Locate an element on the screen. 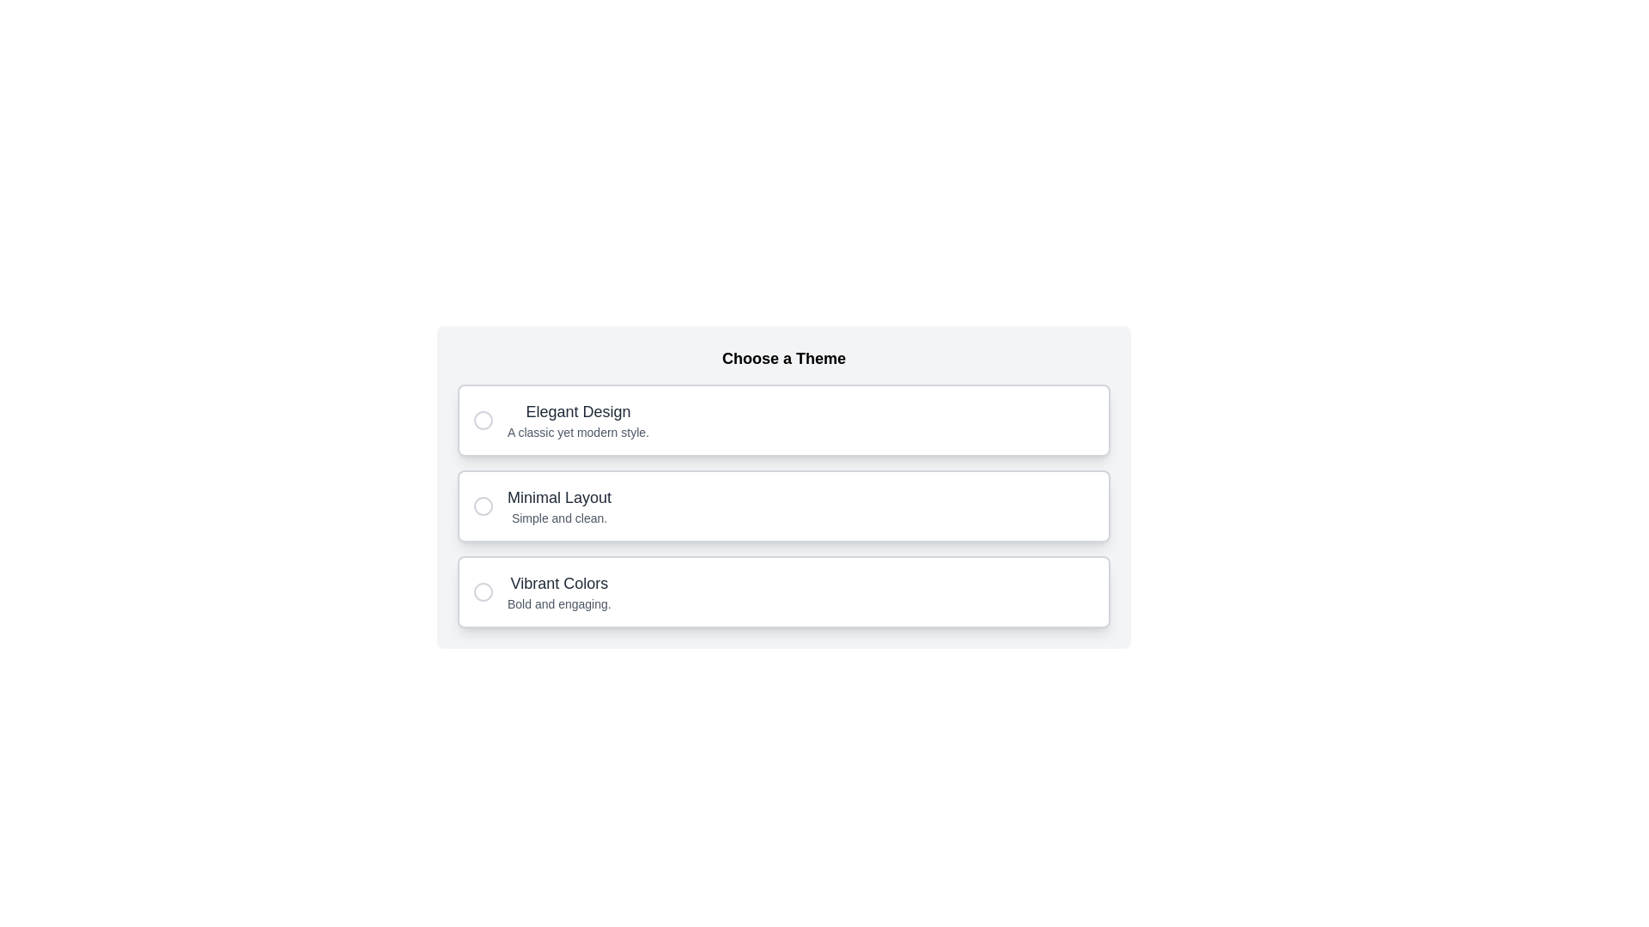 The height and width of the screenshot is (927, 1649). the non-interactive decorative circular indicator located to the left of the text 'Elegant Design' and above 'A classic yet modern style.', which indicates the selected state of the associated option is located at coordinates (482, 420).